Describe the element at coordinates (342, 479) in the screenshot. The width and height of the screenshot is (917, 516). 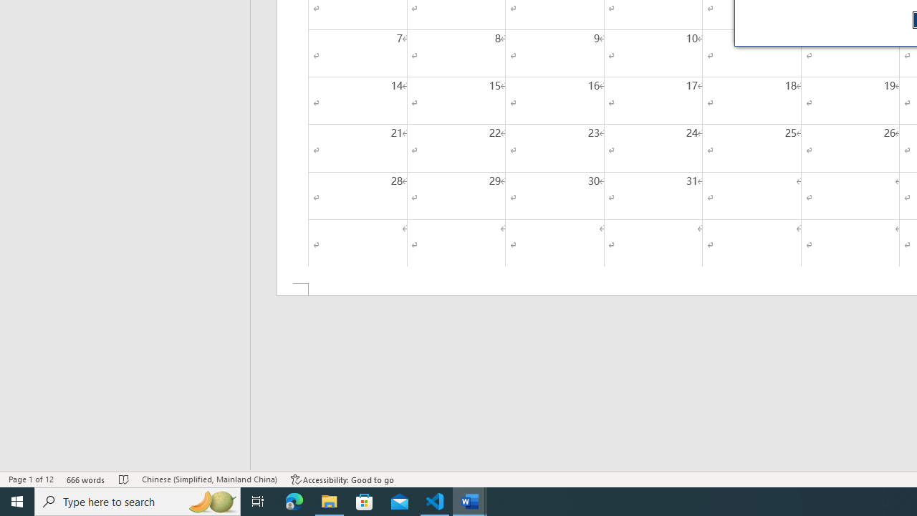
I see `'Accessibility Checker Accessibility: Good to go'` at that location.